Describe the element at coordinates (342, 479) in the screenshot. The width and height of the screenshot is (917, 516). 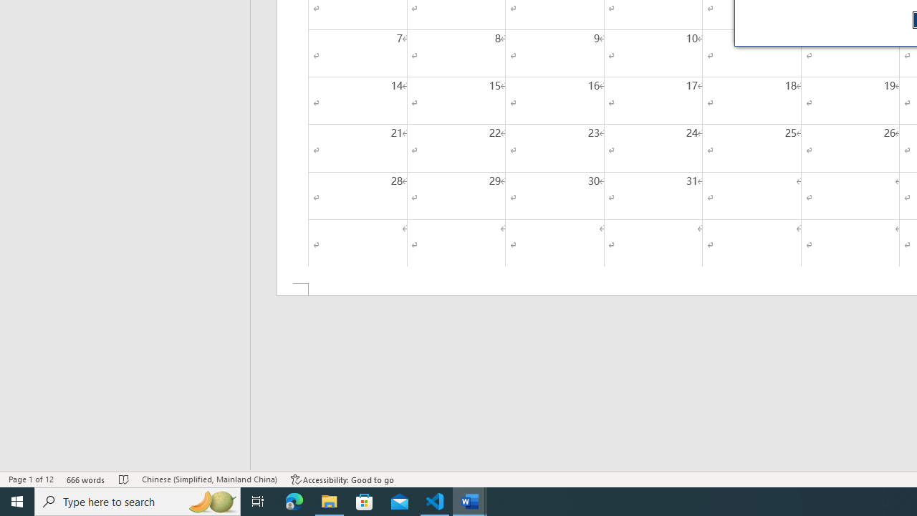
I see `'Accessibility Checker Accessibility: Good to go'` at that location.